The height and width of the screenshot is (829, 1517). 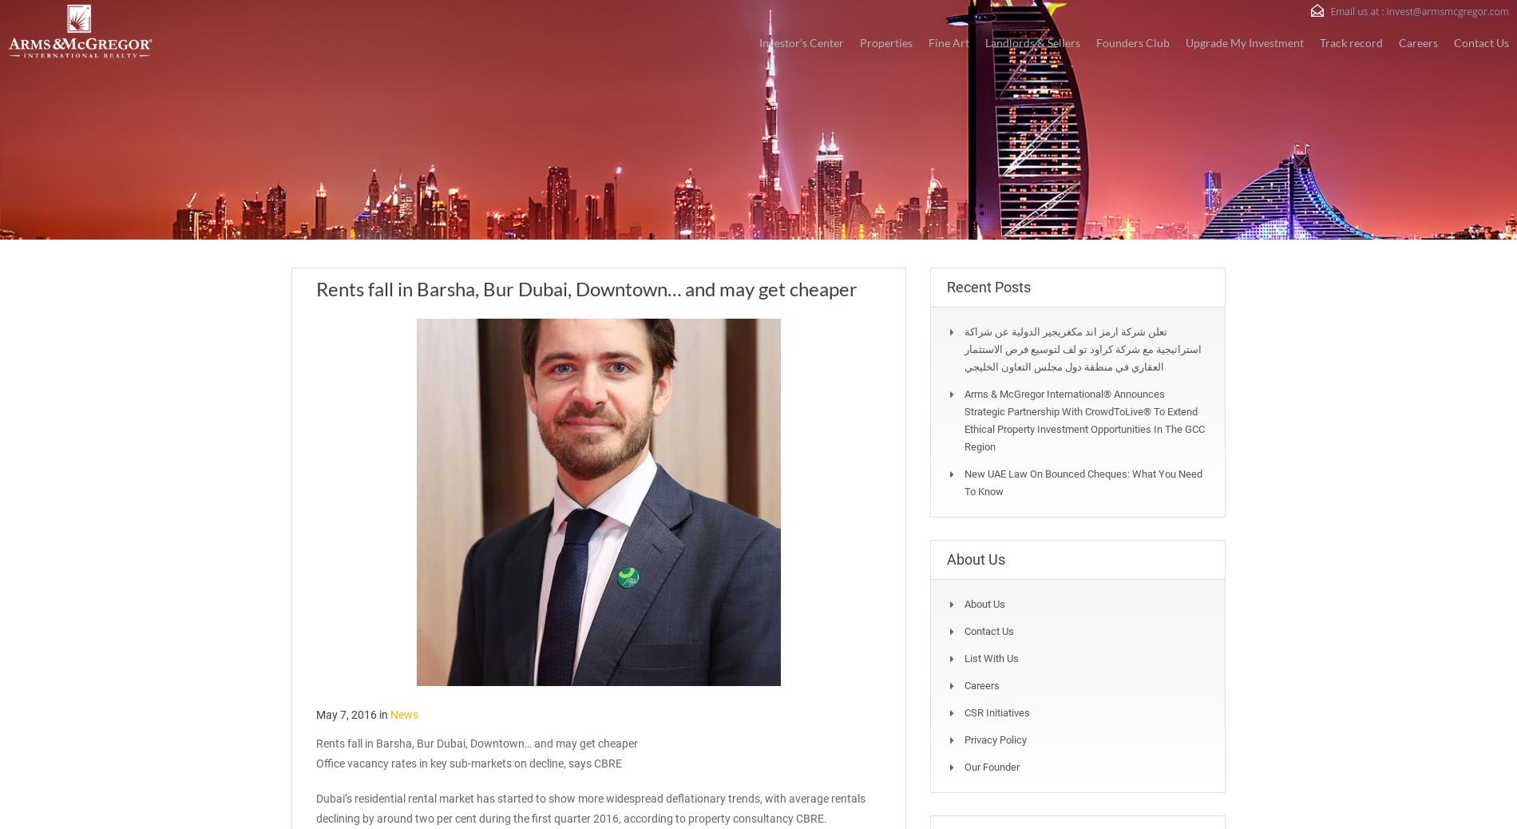 What do you see at coordinates (345, 714) in the screenshot?
I see `'May 7, 2016'` at bounding box center [345, 714].